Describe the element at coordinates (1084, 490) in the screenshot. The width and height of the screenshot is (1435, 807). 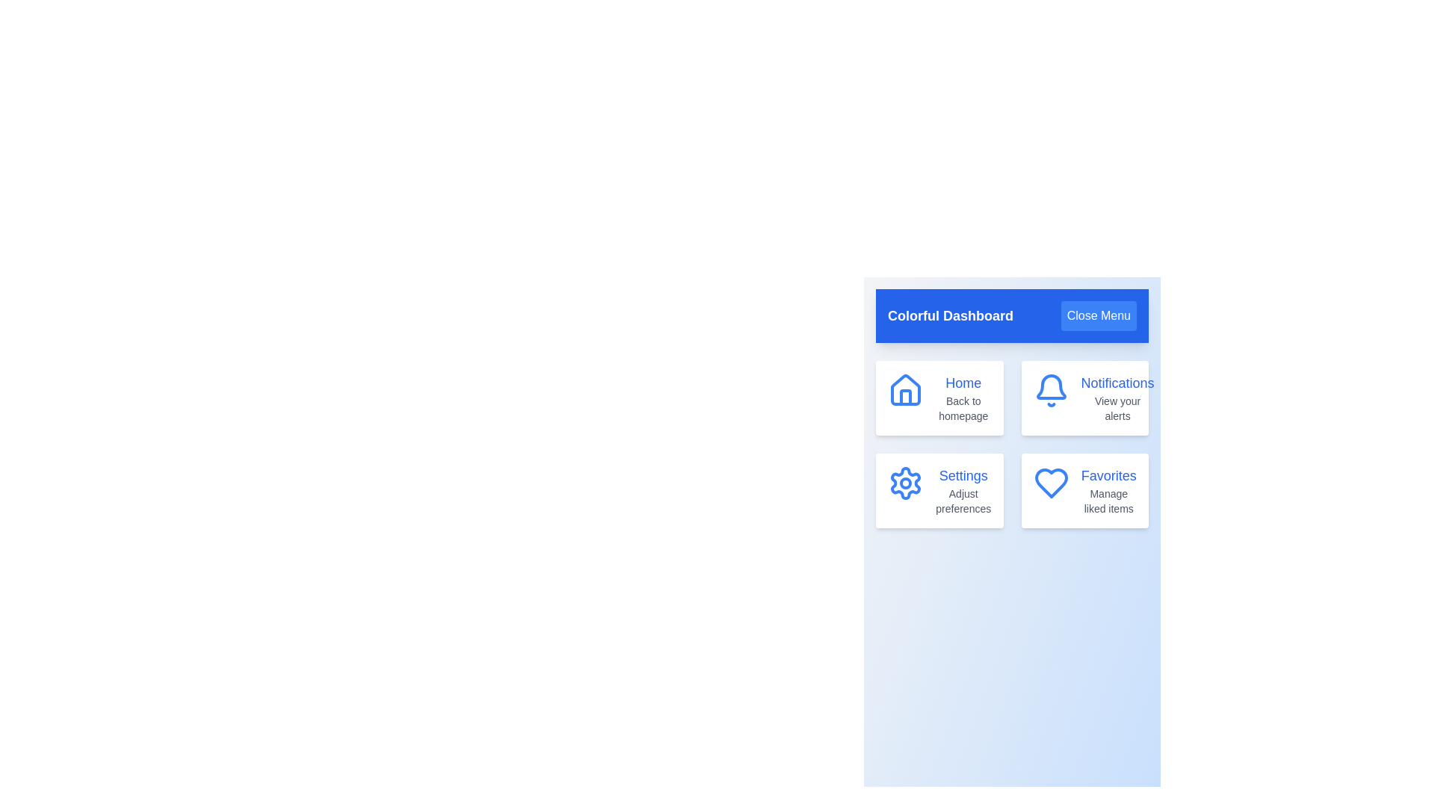
I see `the menu item labeled 'Favorites' to view its visual feedback` at that location.